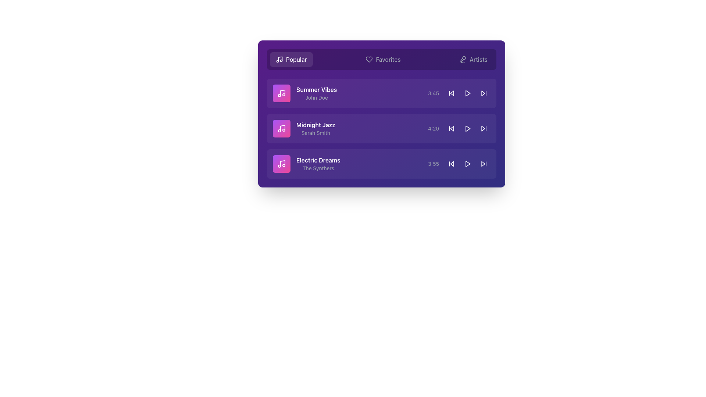  What do you see at coordinates (281, 164) in the screenshot?
I see `the leftmost icon representing the music track 'Electric Dreams' by 'The Synthers'` at bounding box center [281, 164].